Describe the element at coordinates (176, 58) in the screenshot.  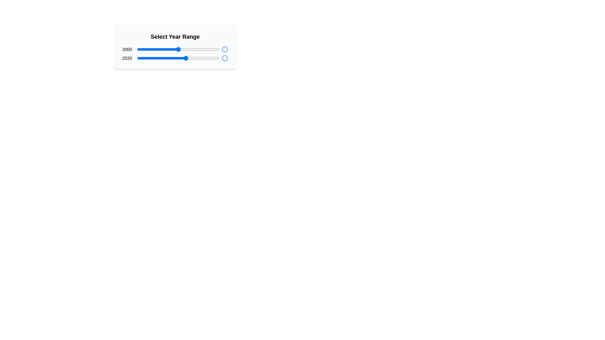
I see `the year slider` at that location.